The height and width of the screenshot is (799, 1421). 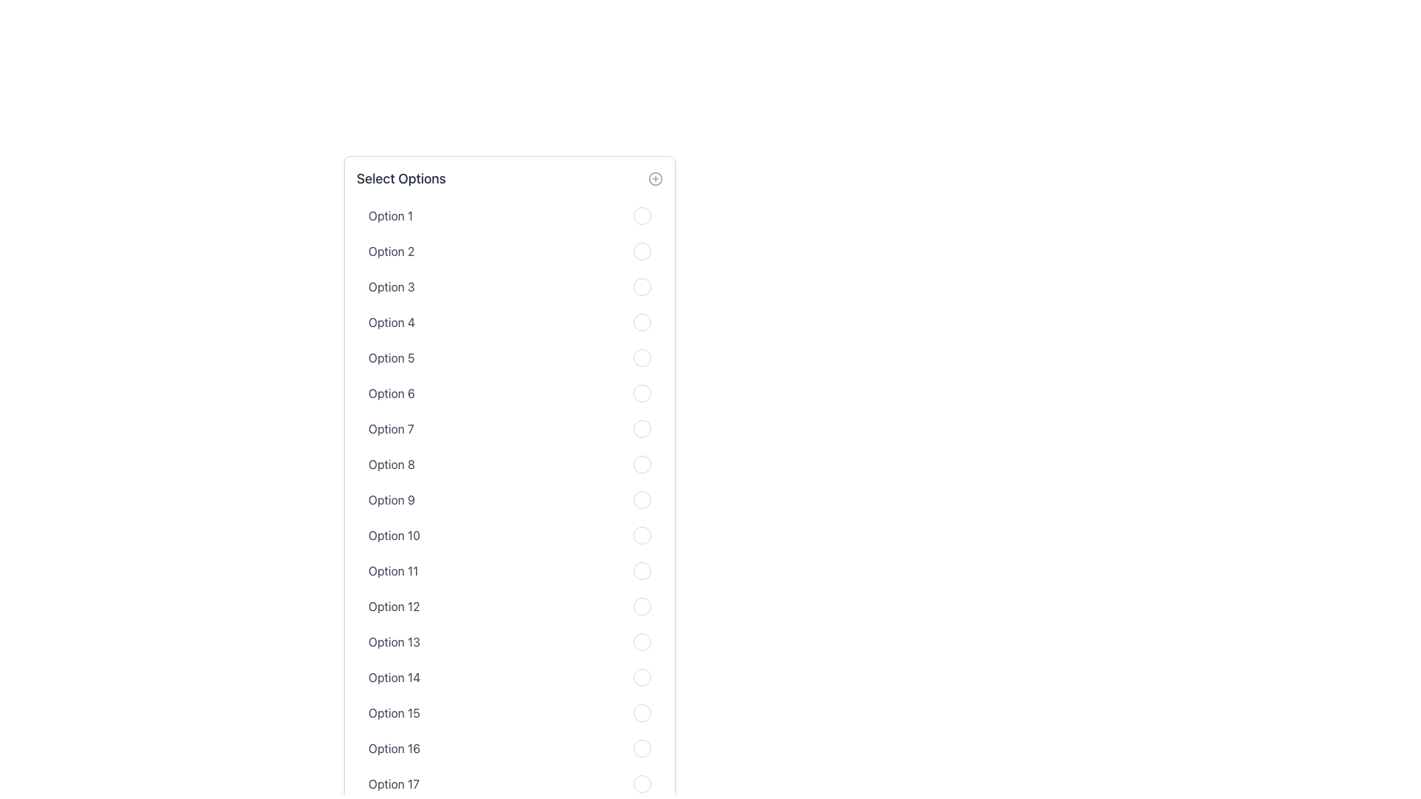 What do you see at coordinates (642, 748) in the screenshot?
I see `the radio button located to the immediate right of the text 'Option 16'` at bounding box center [642, 748].